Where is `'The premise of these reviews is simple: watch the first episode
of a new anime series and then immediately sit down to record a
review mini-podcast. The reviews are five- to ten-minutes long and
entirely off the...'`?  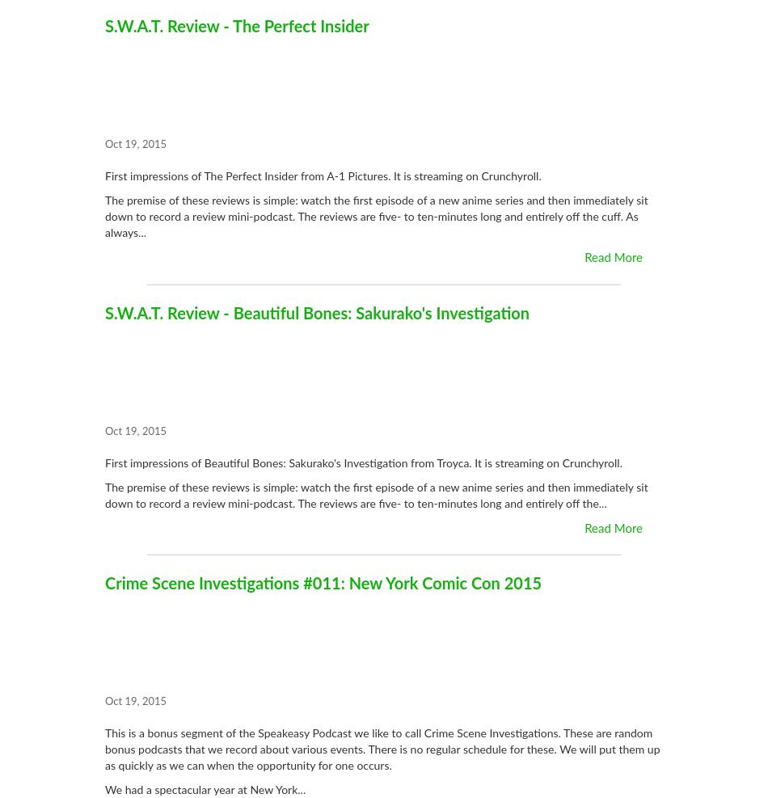
'The premise of these reviews is simple: watch the first episode
of a new anime series and then immediately sit down to record a
review mini-podcast. The reviews are five- to ten-minutes long and
entirely off the...' is located at coordinates (375, 495).